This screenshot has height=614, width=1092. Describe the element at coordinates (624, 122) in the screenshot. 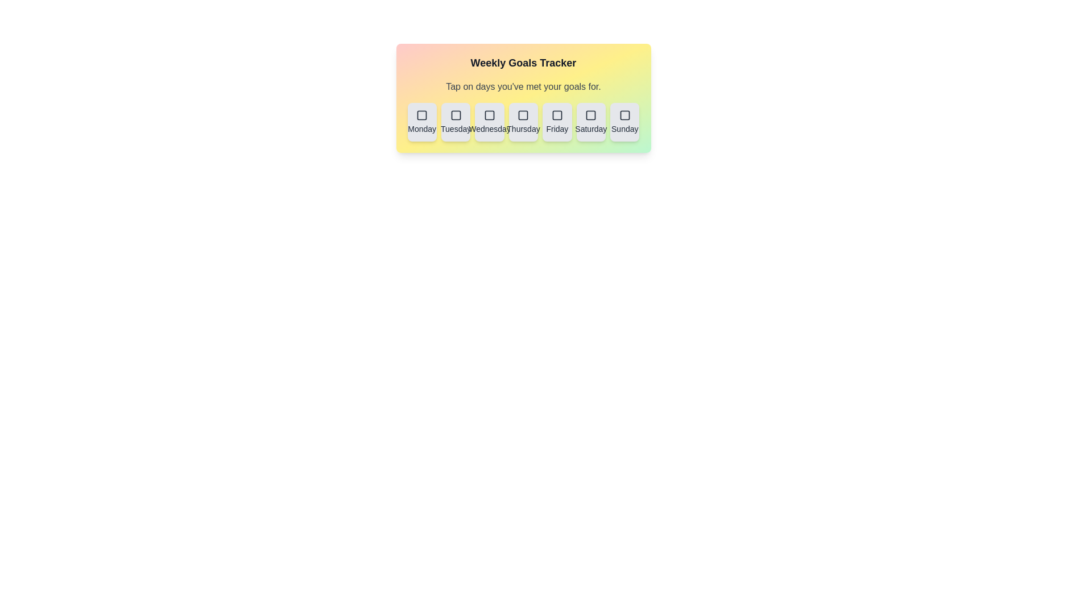

I see `the button labeled Sunday` at that location.